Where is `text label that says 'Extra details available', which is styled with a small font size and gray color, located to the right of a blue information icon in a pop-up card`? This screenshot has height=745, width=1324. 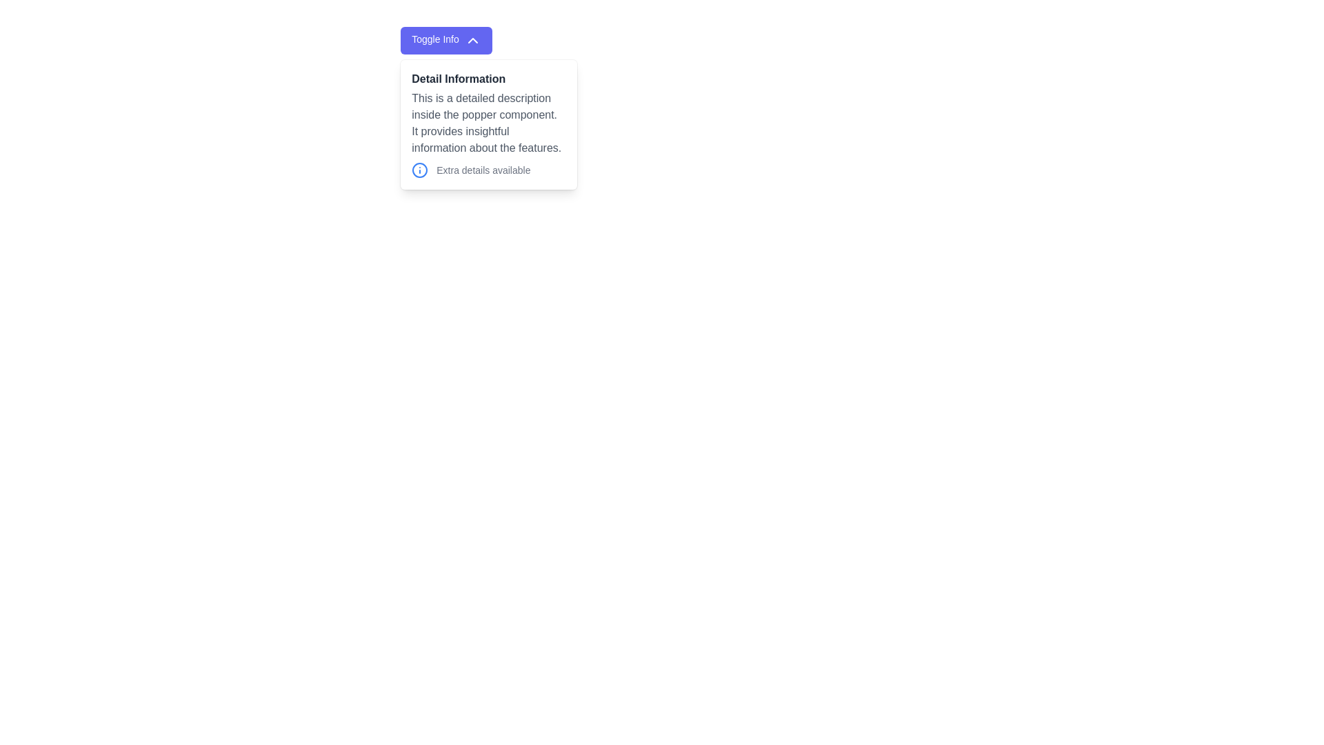
text label that says 'Extra details available', which is styled with a small font size and gray color, located to the right of a blue information icon in a pop-up card is located at coordinates (483, 169).